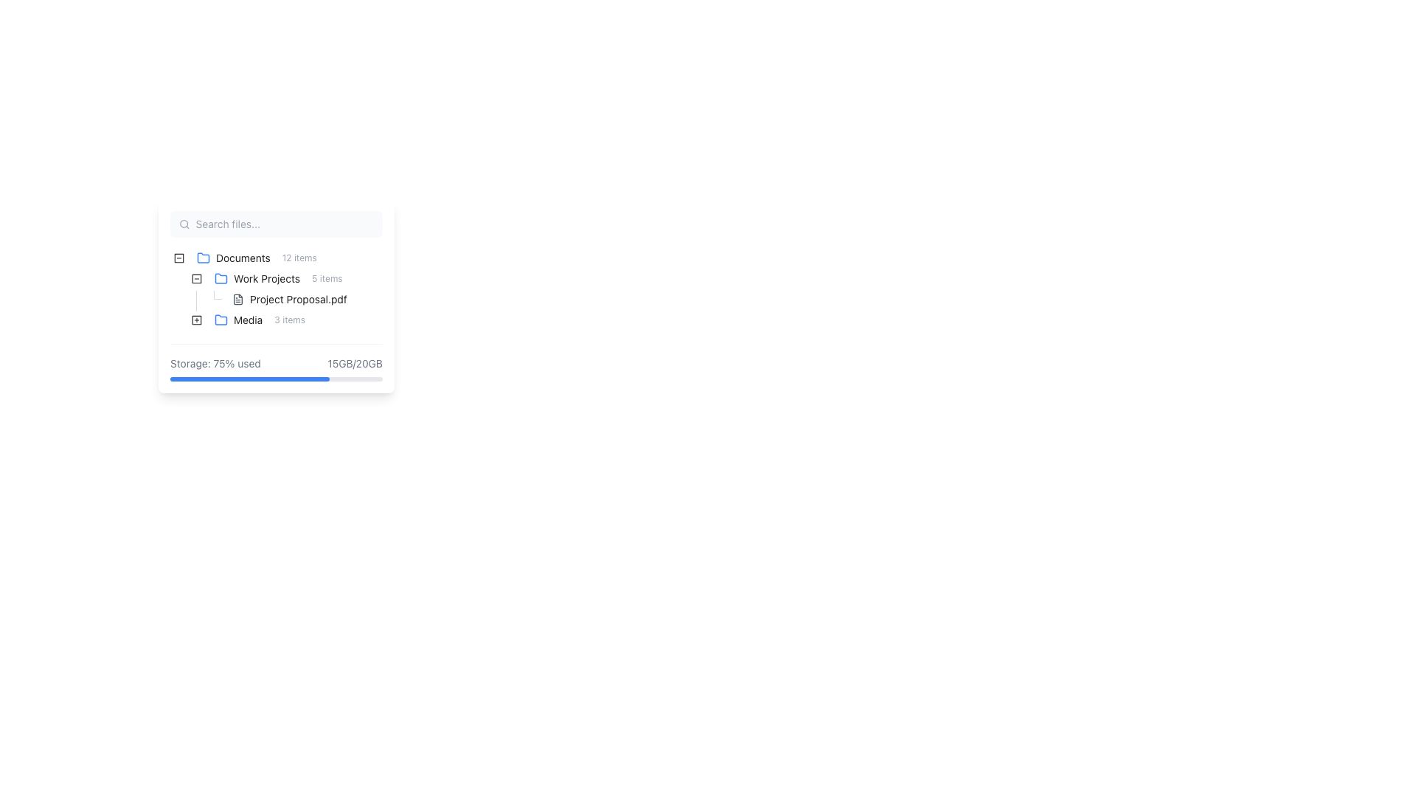 This screenshot has height=797, width=1416. What do you see at coordinates (297, 299) in the screenshot?
I see `the text label displaying 'Project Proposal.pdf' located in the 'Work Projects' folder` at bounding box center [297, 299].